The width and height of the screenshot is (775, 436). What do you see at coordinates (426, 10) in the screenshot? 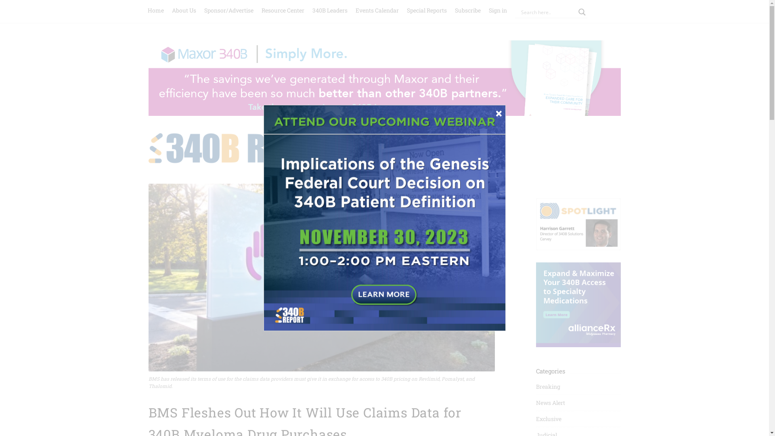
I see `'Special Reports'` at bounding box center [426, 10].